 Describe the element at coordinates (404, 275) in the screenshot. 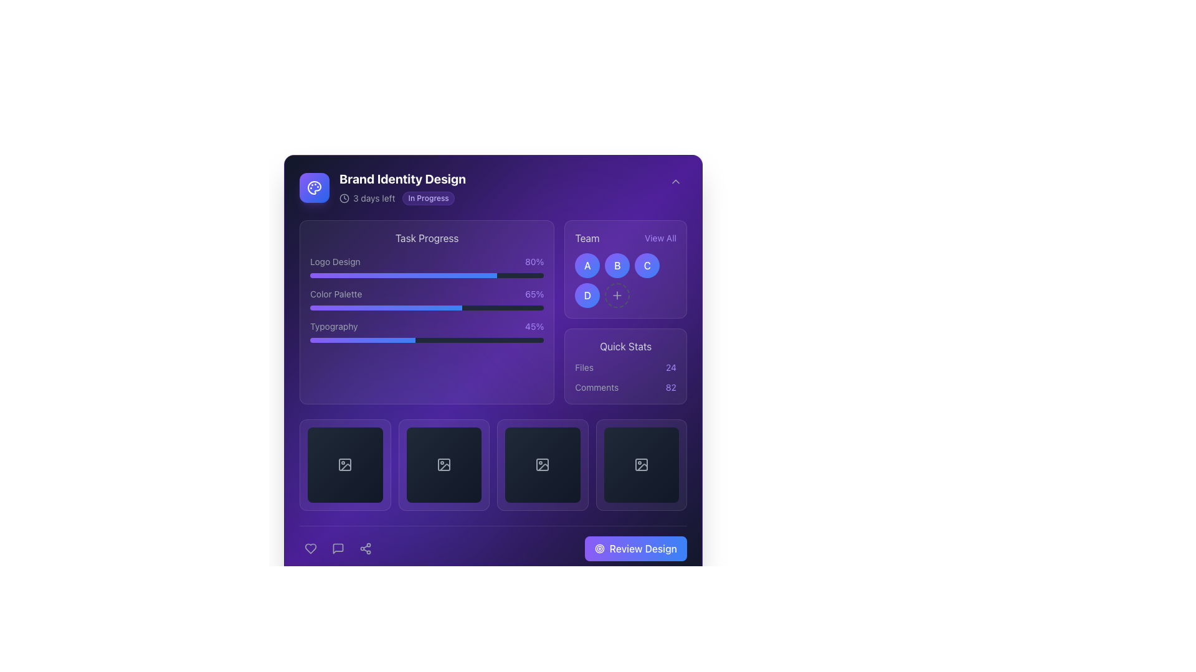

I see `the horizontal progress bar segment within the 'Logo Design' progress bar in the 'Task Progress' section, which features a gradient color transitioning from violet to blue` at that location.